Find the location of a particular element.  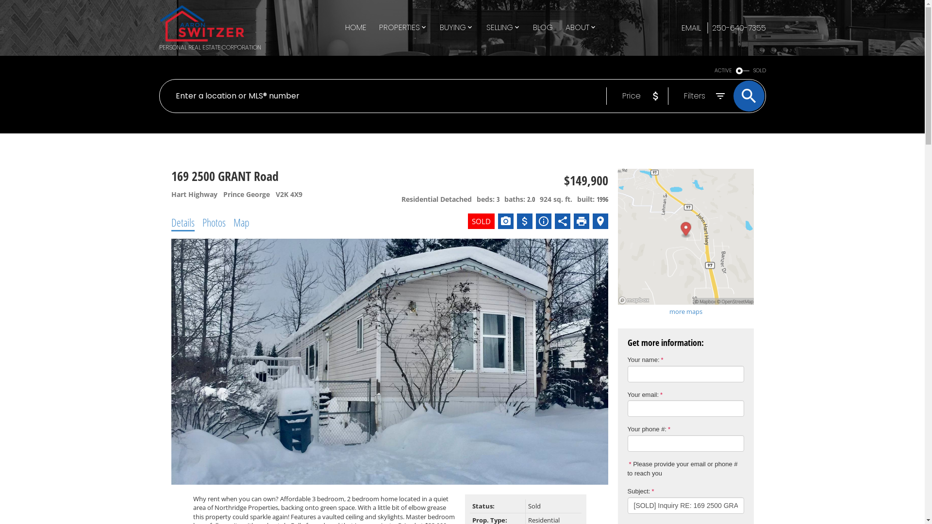

'Print listing' is located at coordinates (582, 221).